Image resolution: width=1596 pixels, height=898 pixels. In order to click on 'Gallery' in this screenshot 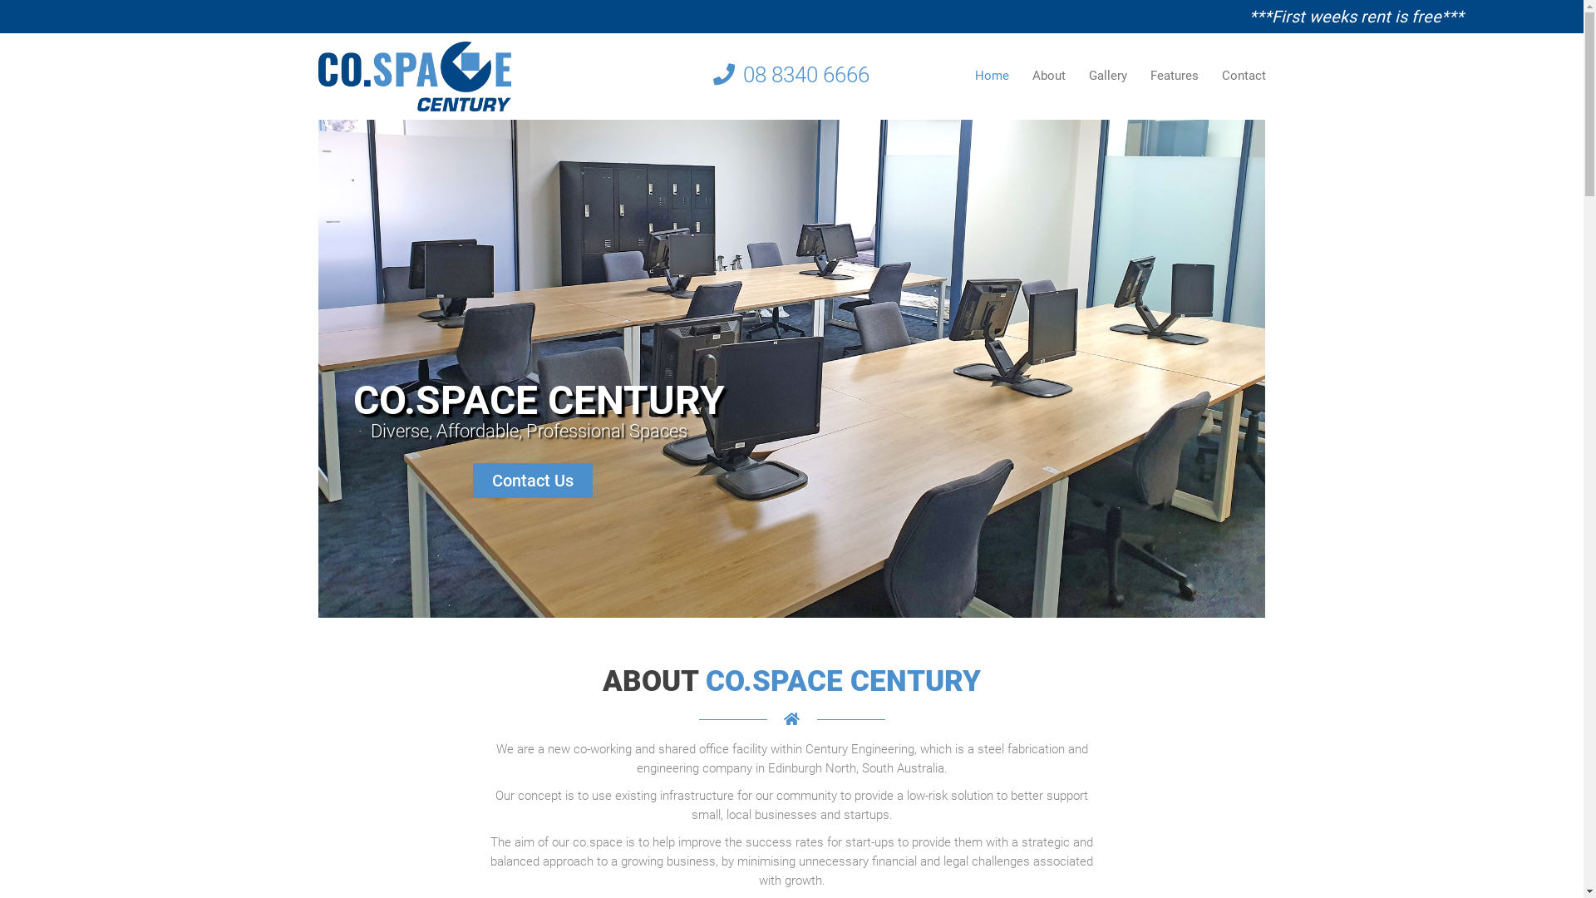, I will do `click(1108, 76)`.